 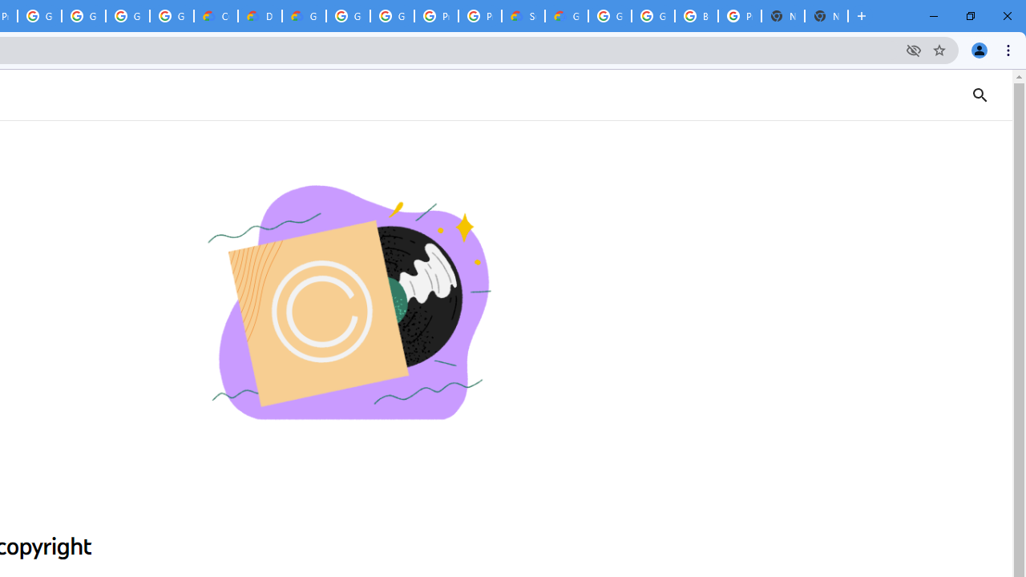 I want to click on 'Google Cloud Service Health', so click(x=566, y=16).